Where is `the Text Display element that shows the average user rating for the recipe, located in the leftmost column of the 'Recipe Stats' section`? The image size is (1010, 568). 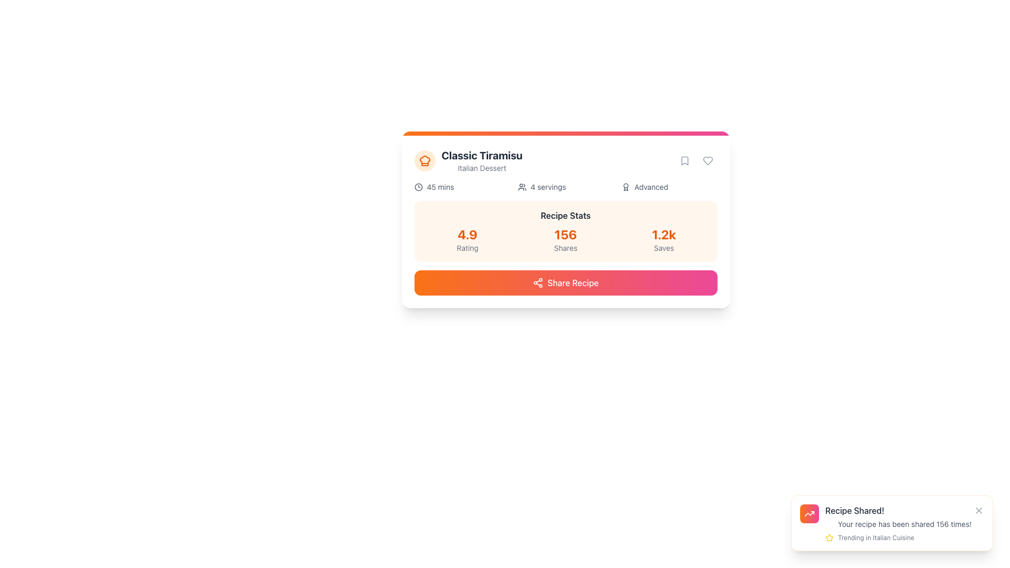
the Text Display element that shows the average user rating for the recipe, located in the leftmost column of the 'Recipe Stats' section is located at coordinates (467, 239).